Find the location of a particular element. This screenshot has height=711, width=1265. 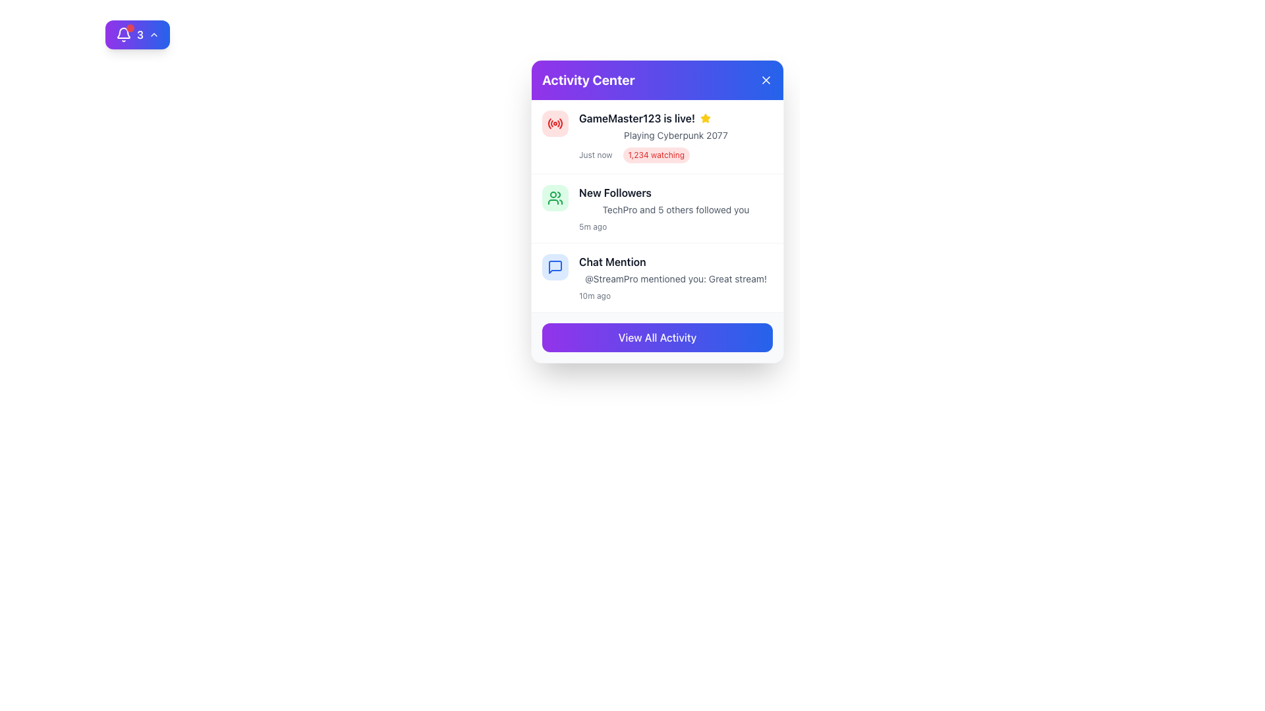

the live broadcasting indicator icon located in the upper-left section of the 'Activity Center' card, adjacent to the text 'GameMaster123 is live!' is located at coordinates (555, 124).